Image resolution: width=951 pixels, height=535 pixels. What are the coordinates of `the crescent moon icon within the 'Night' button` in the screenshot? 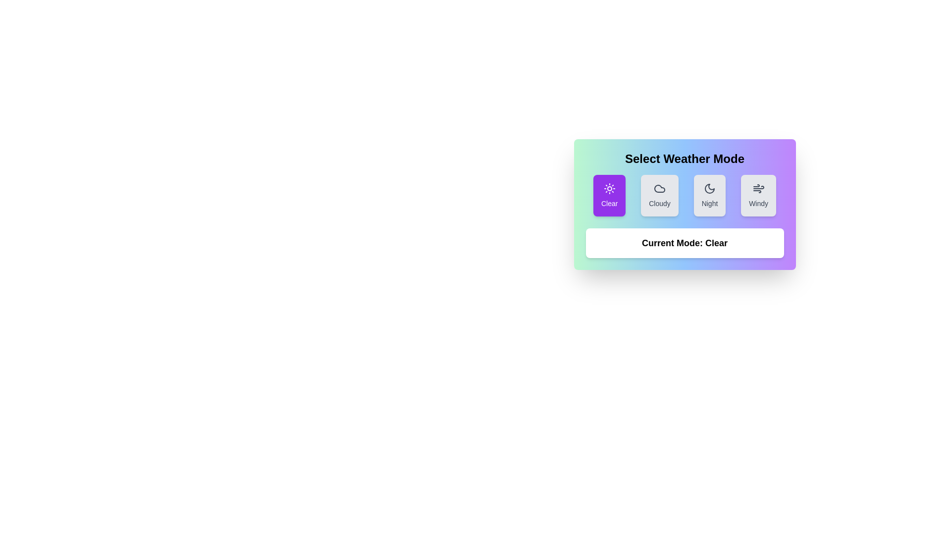 It's located at (709, 189).